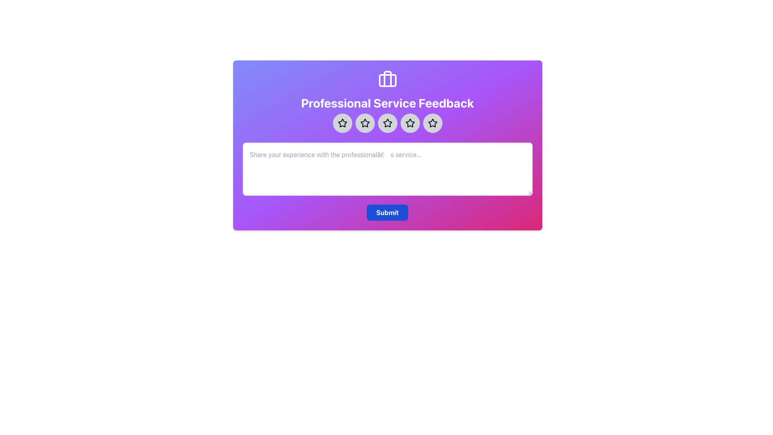 The height and width of the screenshot is (435, 773). What do you see at coordinates (432, 123) in the screenshot?
I see `the fifth star-shaped button in the rating selection for the highest rating of 5 stars in the feedback form` at bounding box center [432, 123].